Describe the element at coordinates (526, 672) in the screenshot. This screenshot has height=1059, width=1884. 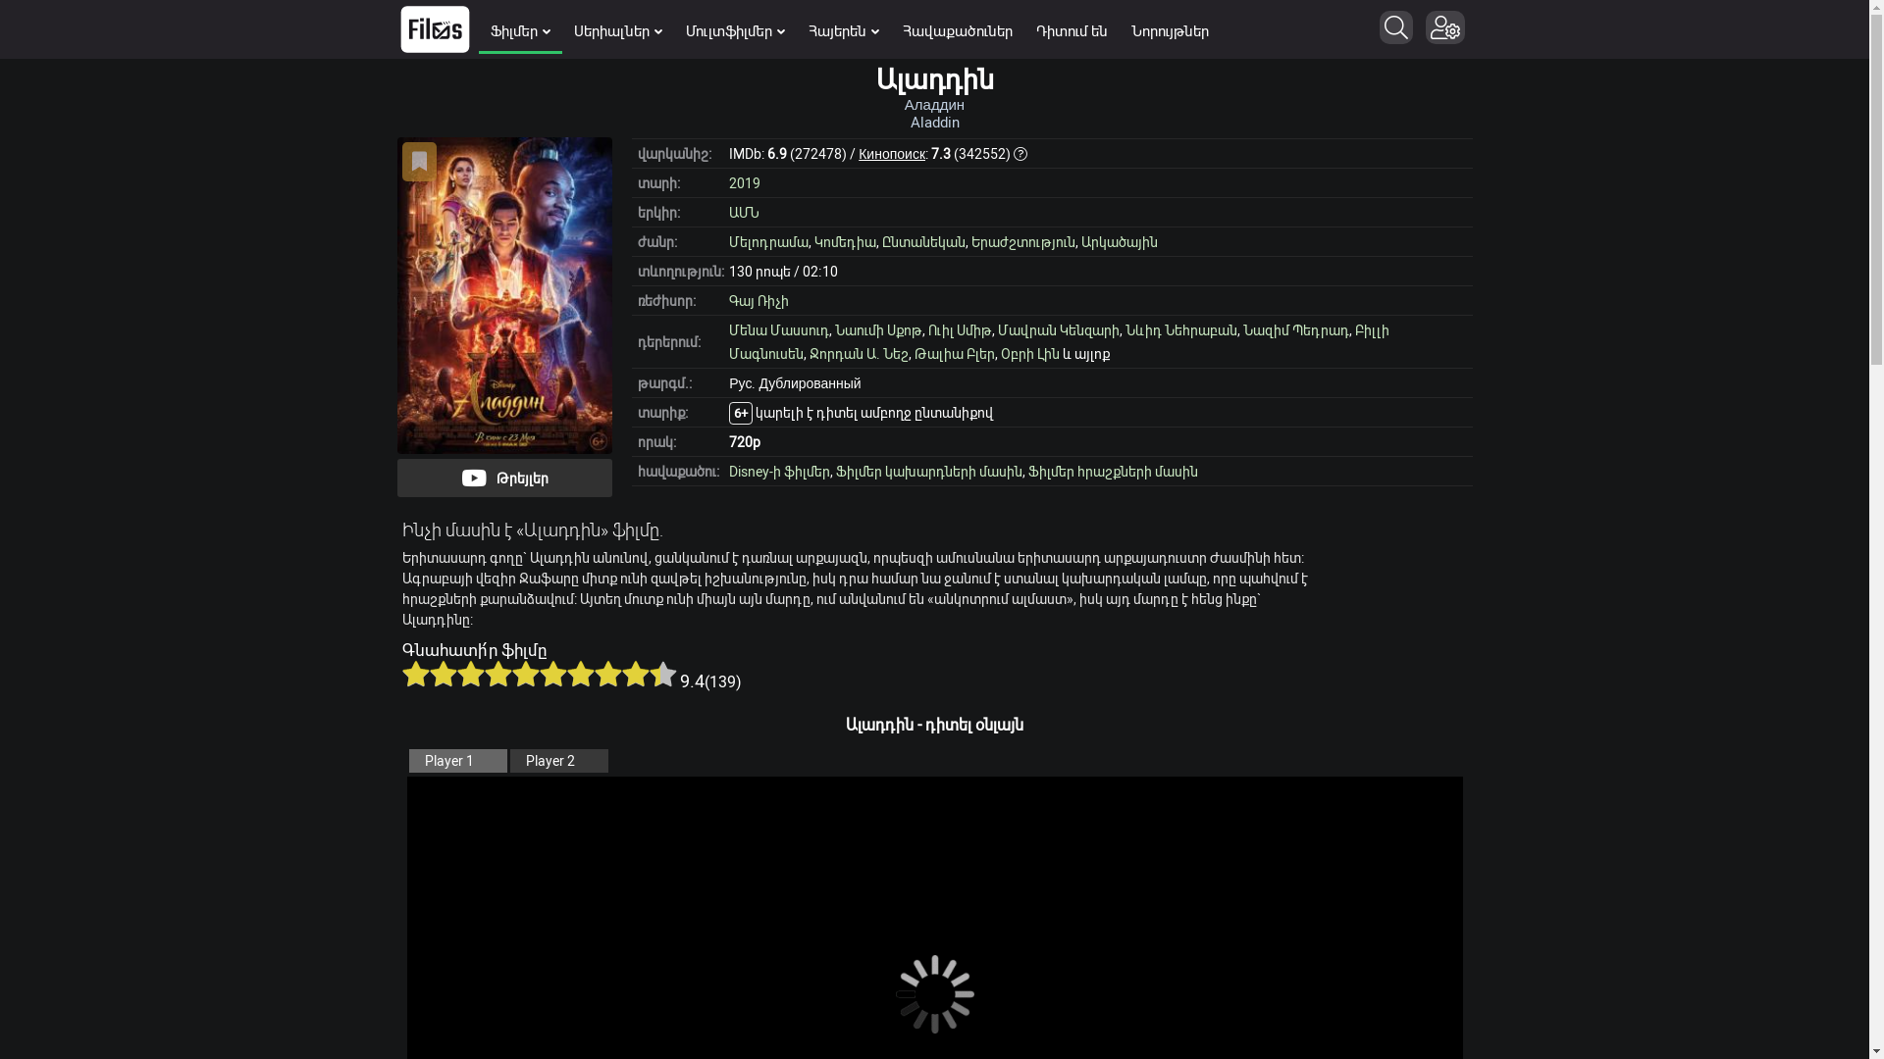
I see `'5'` at that location.